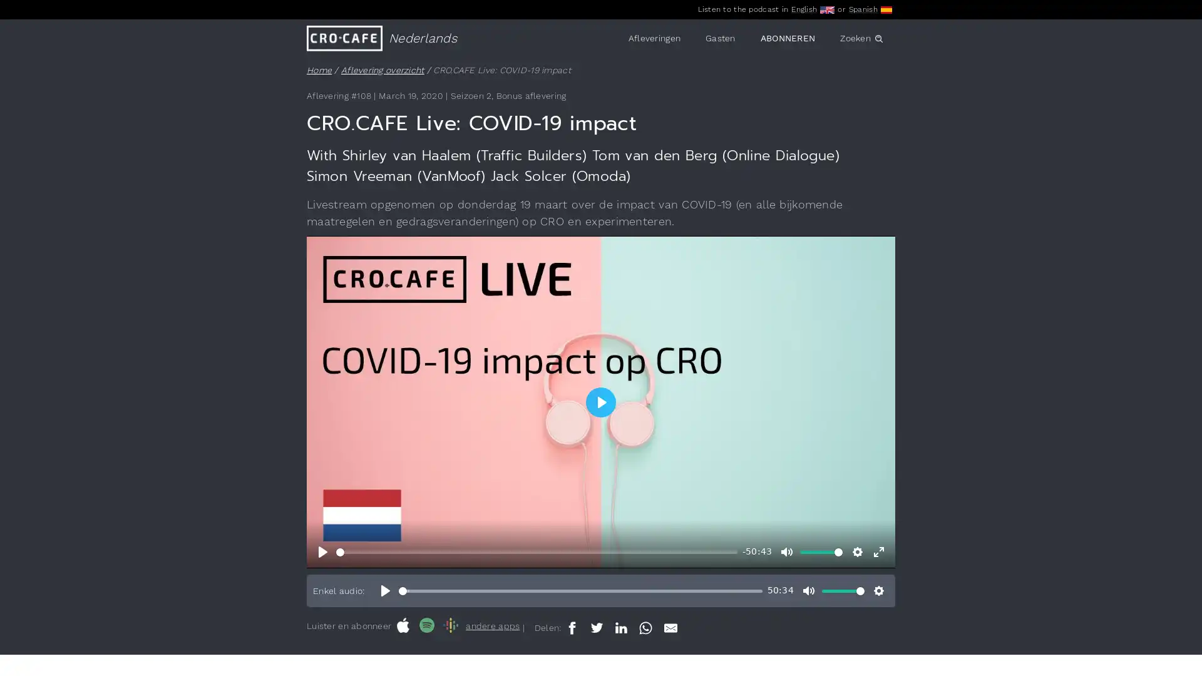 Image resolution: width=1202 pixels, height=676 pixels. Describe the element at coordinates (786, 551) in the screenshot. I see `Mute` at that location.